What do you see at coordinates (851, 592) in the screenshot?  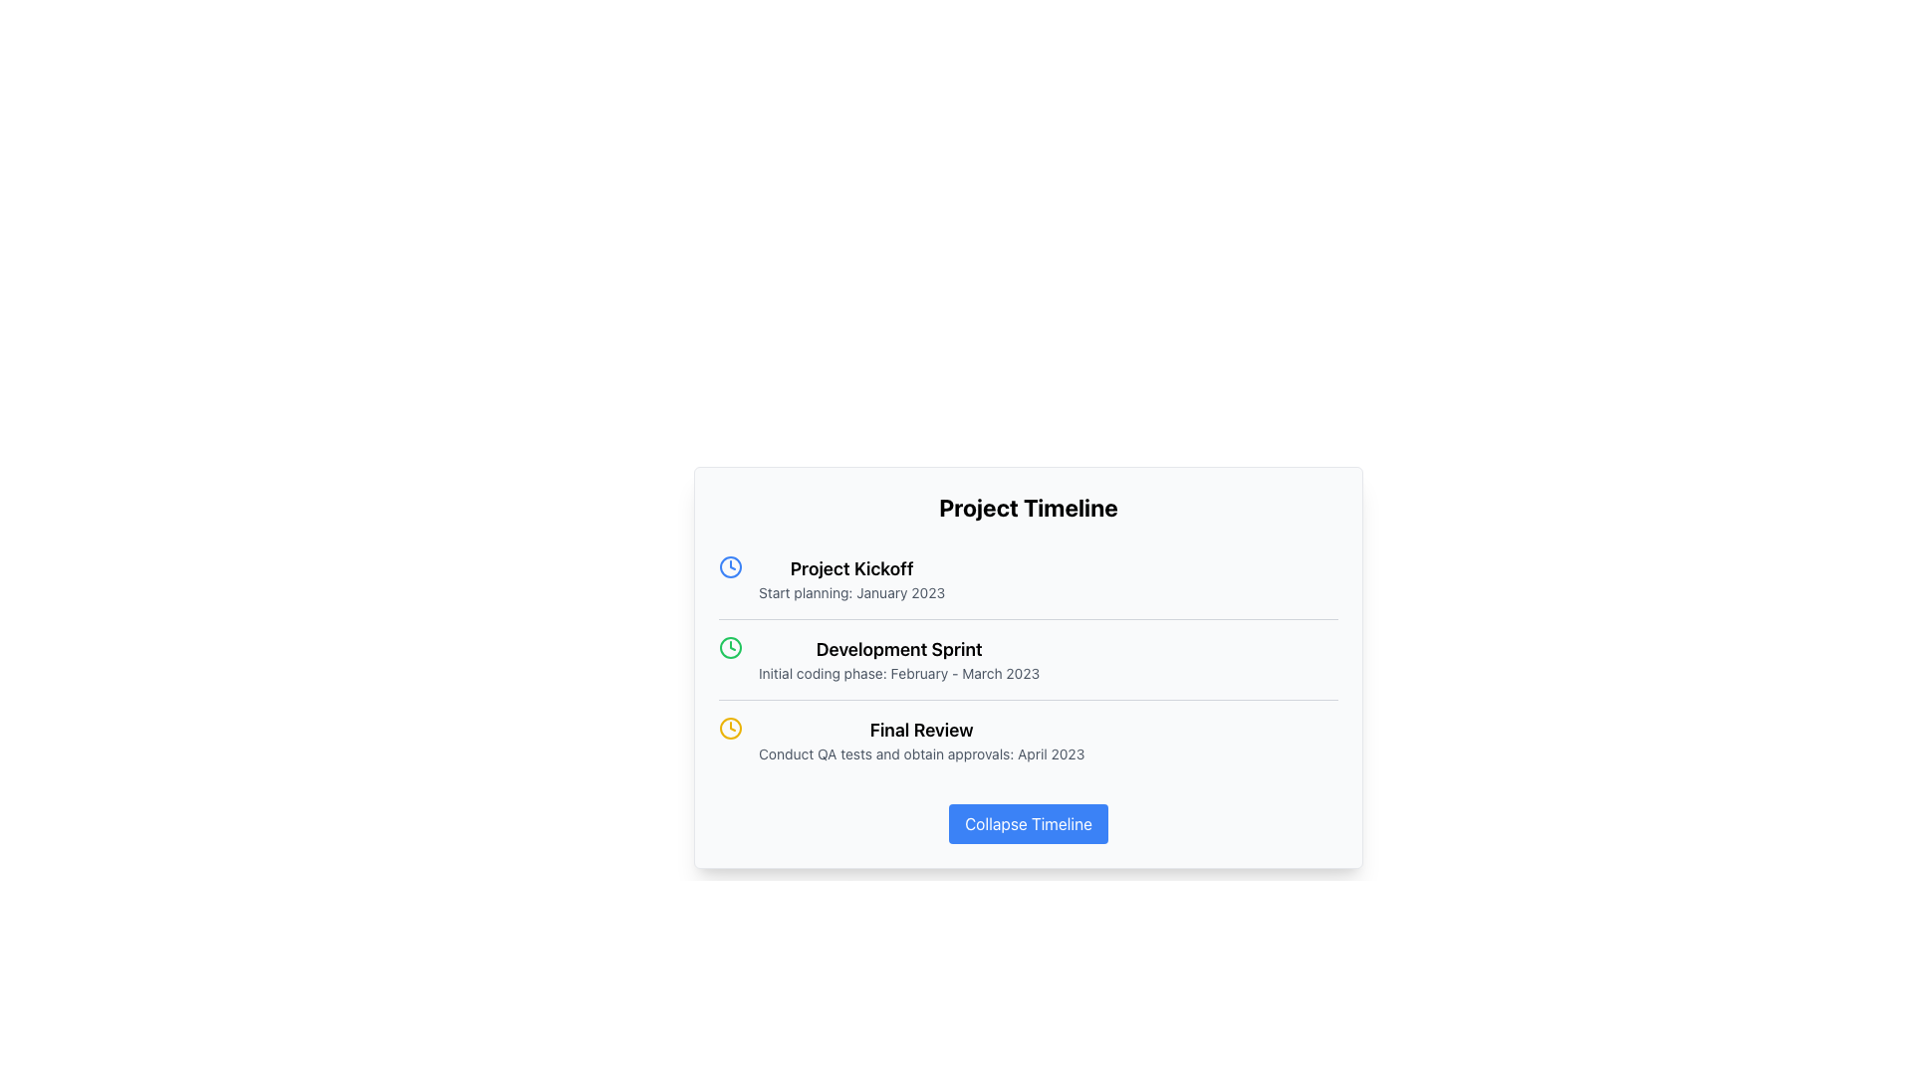 I see `informative text displayed in the text label indicating the start month and year of the 'Project Kickoff' phase, which is positioned below the 'Project Kickoff' element` at bounding box center [851, 592].